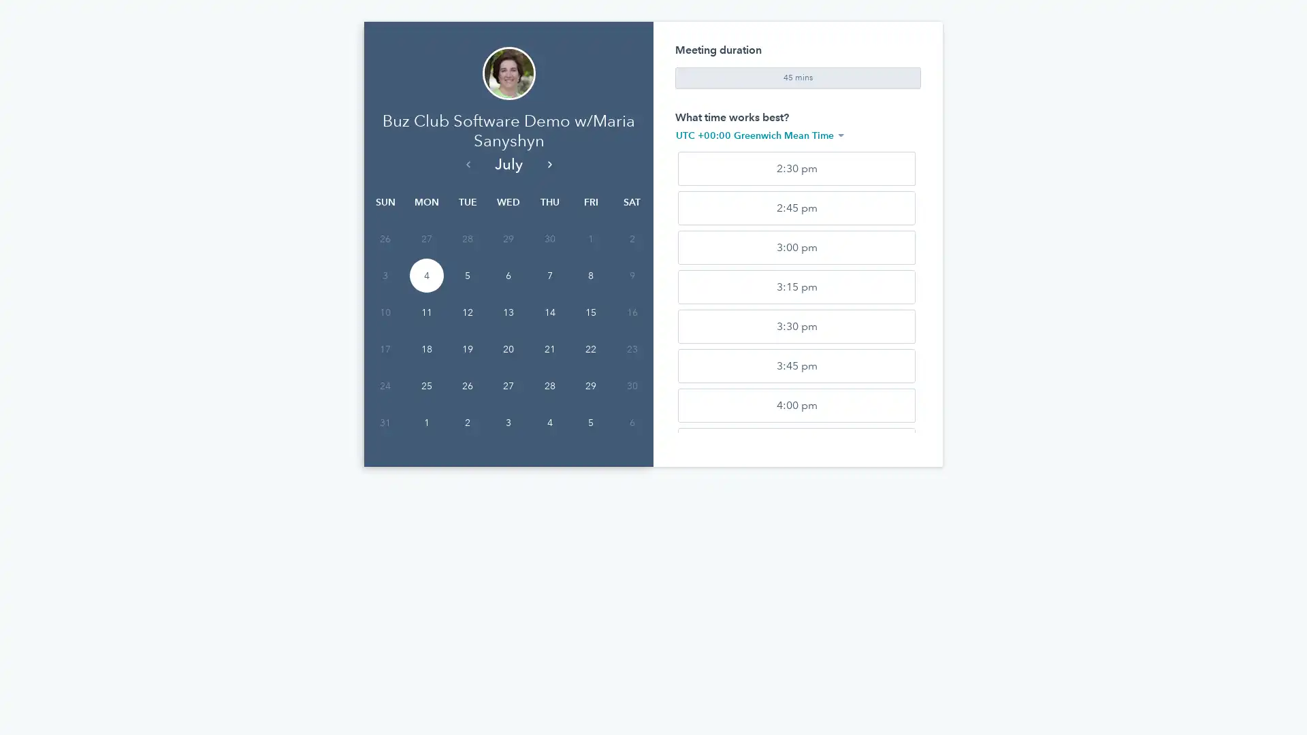  I want to click on July 20th, so click(508, 400).